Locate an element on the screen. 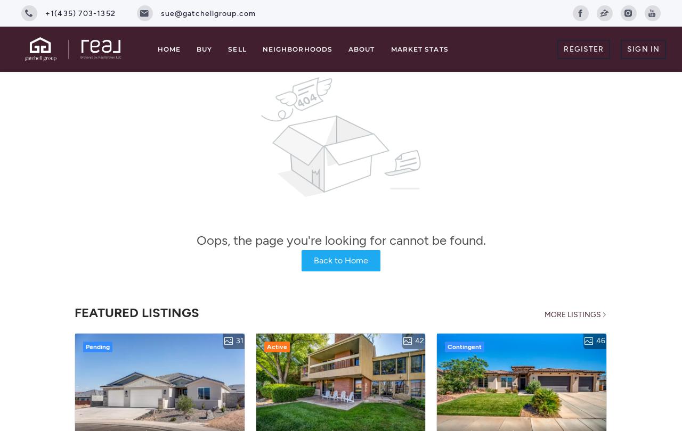 The height and width of the screenshot is (431, 682). 'Sign In' is located at coordinates (643, 48).